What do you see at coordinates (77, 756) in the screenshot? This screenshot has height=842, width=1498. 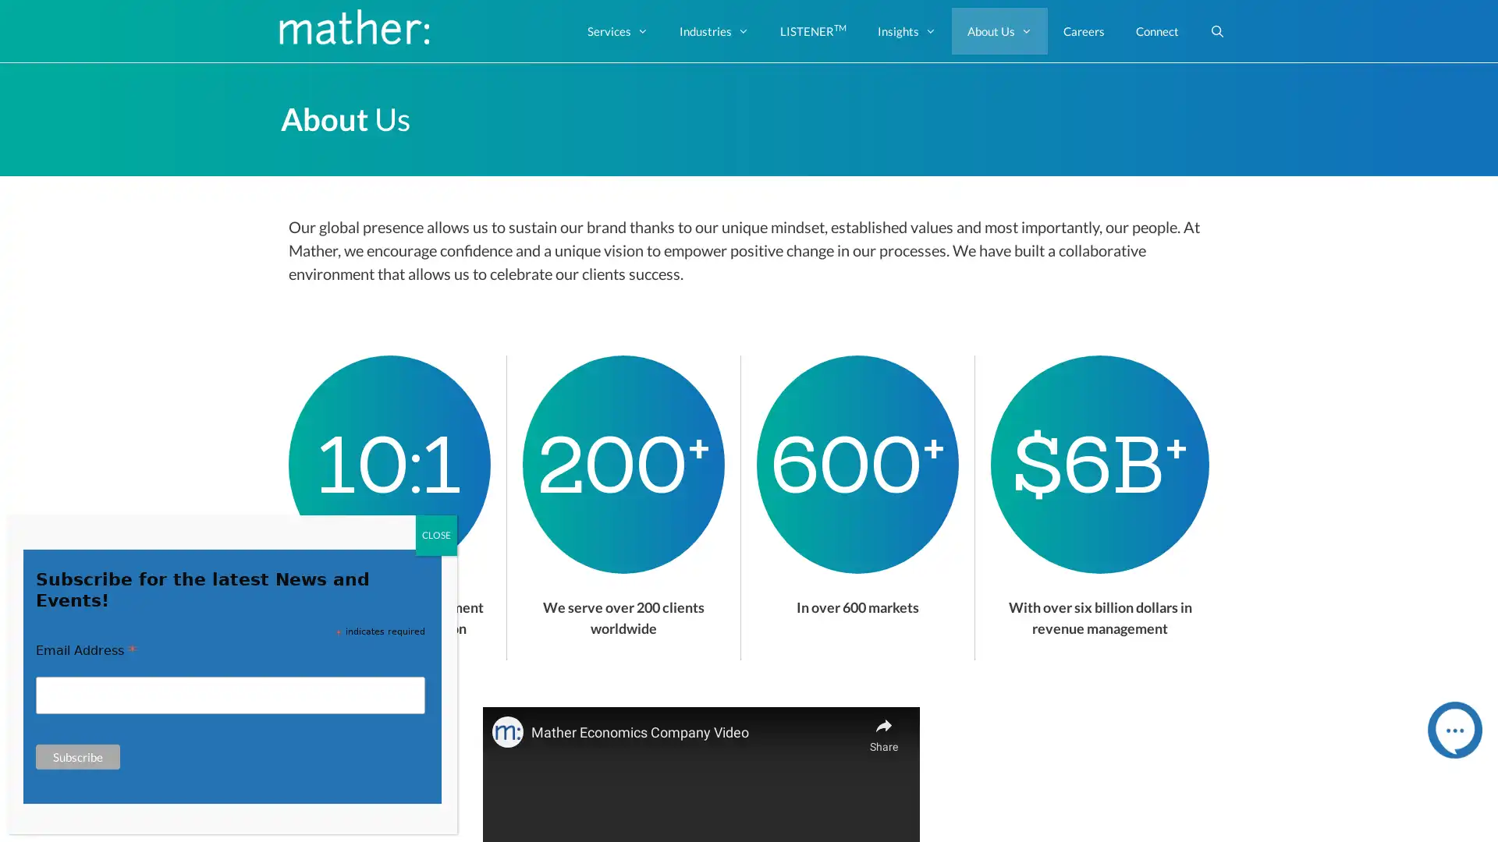 I see `Subscribe` at bounding box center [77, 756].